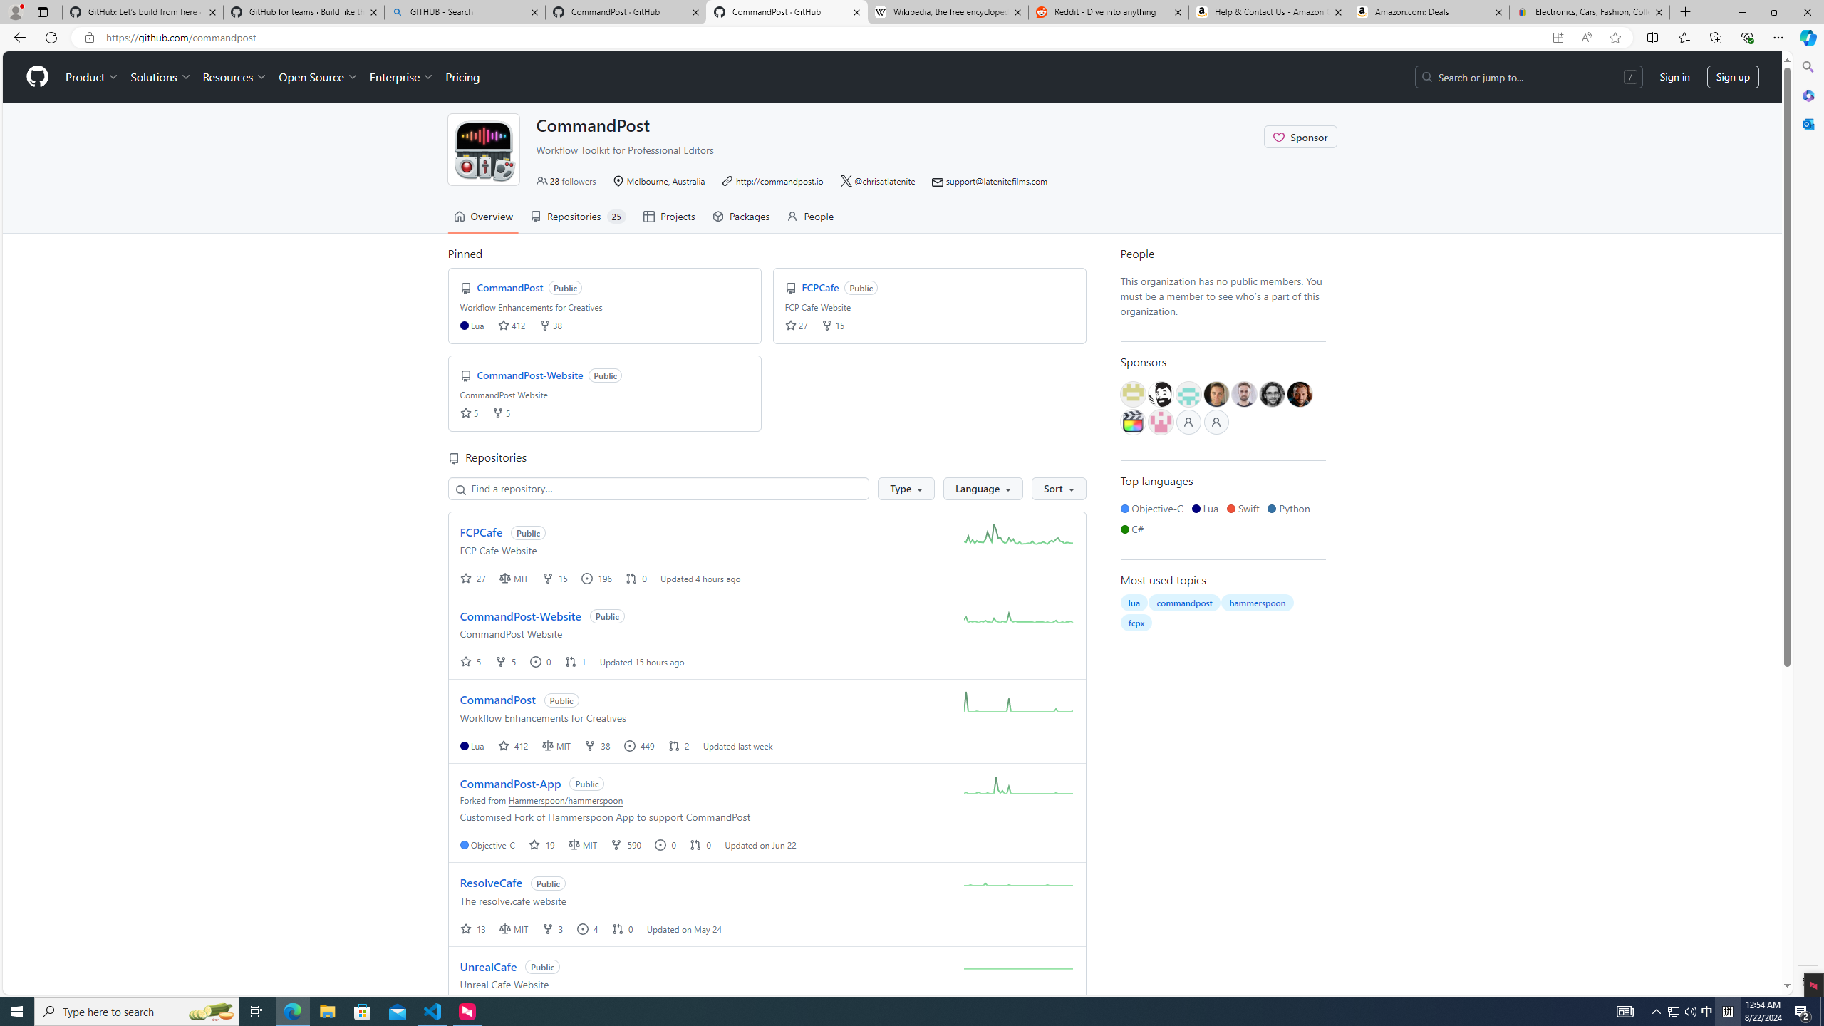 This screenshot has width=1824, height=1026. Describe the element at coordinates (1132, 393) in the screenshot. I see `'@wtembundit'` at that location.